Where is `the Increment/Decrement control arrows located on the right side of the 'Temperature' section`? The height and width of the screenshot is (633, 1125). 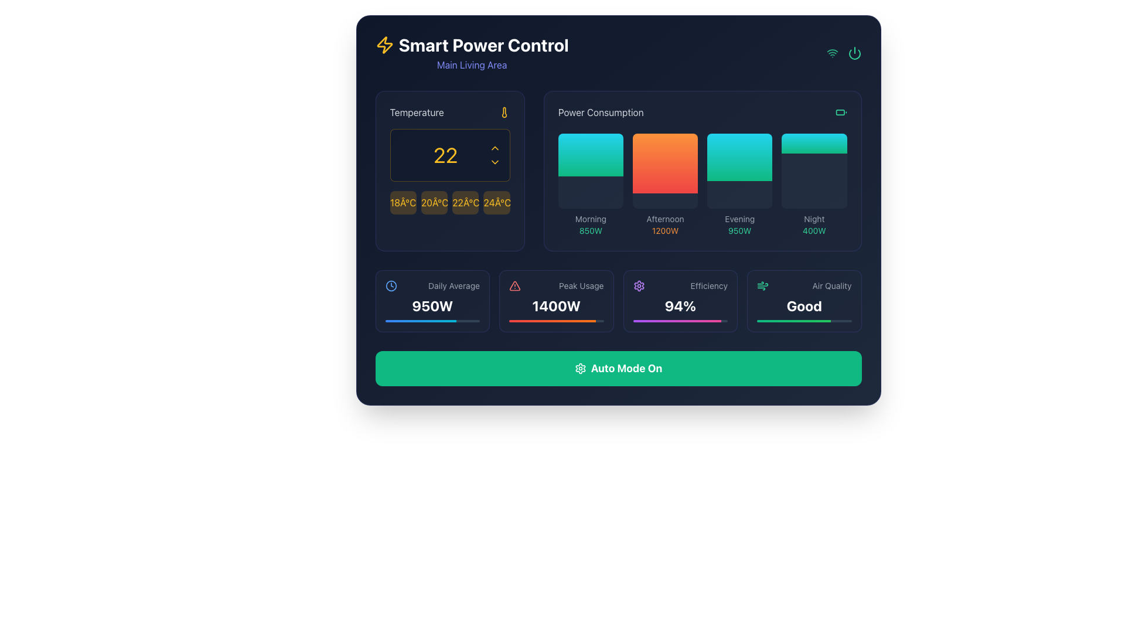
the Increment/Decrement control arrows located on the right side of the 'Temperature' section is located at coordinates (495, 155).